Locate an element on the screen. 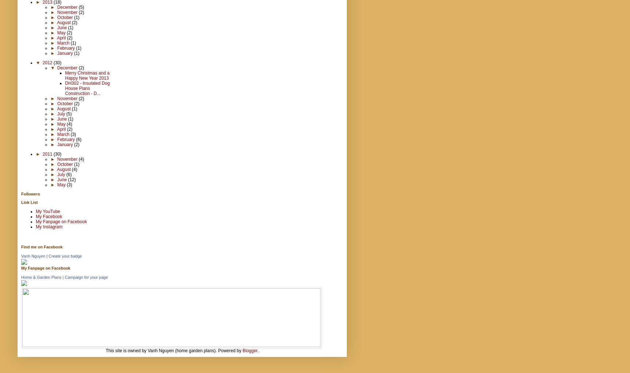 This screenshot has height=373, width=630. 'Merry Christmas and a Happy New Year 2013' is located at coordinates (87, 75).